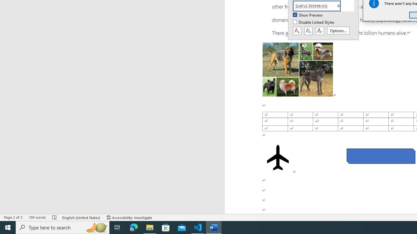 The width and height of the screenshot is (417, 234). I want to click on 'Options...', so click(338, 30).